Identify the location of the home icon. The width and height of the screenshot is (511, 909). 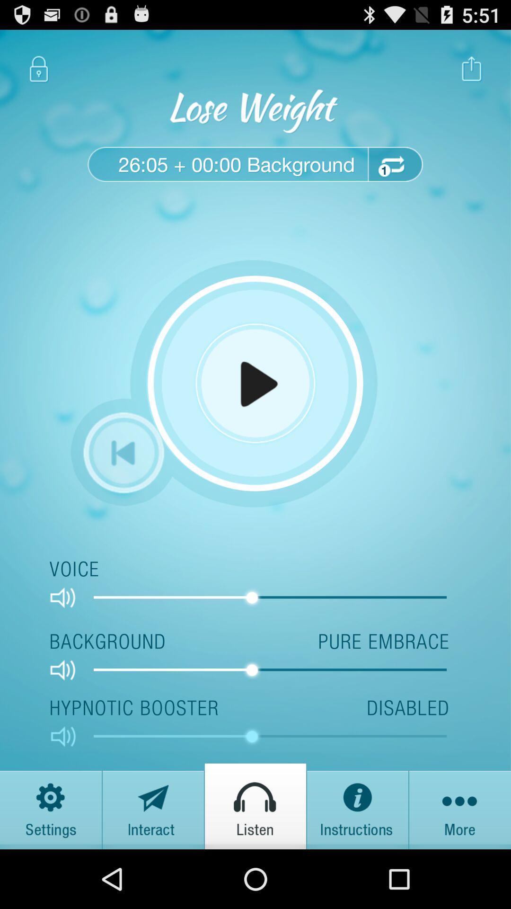
(255, 862).